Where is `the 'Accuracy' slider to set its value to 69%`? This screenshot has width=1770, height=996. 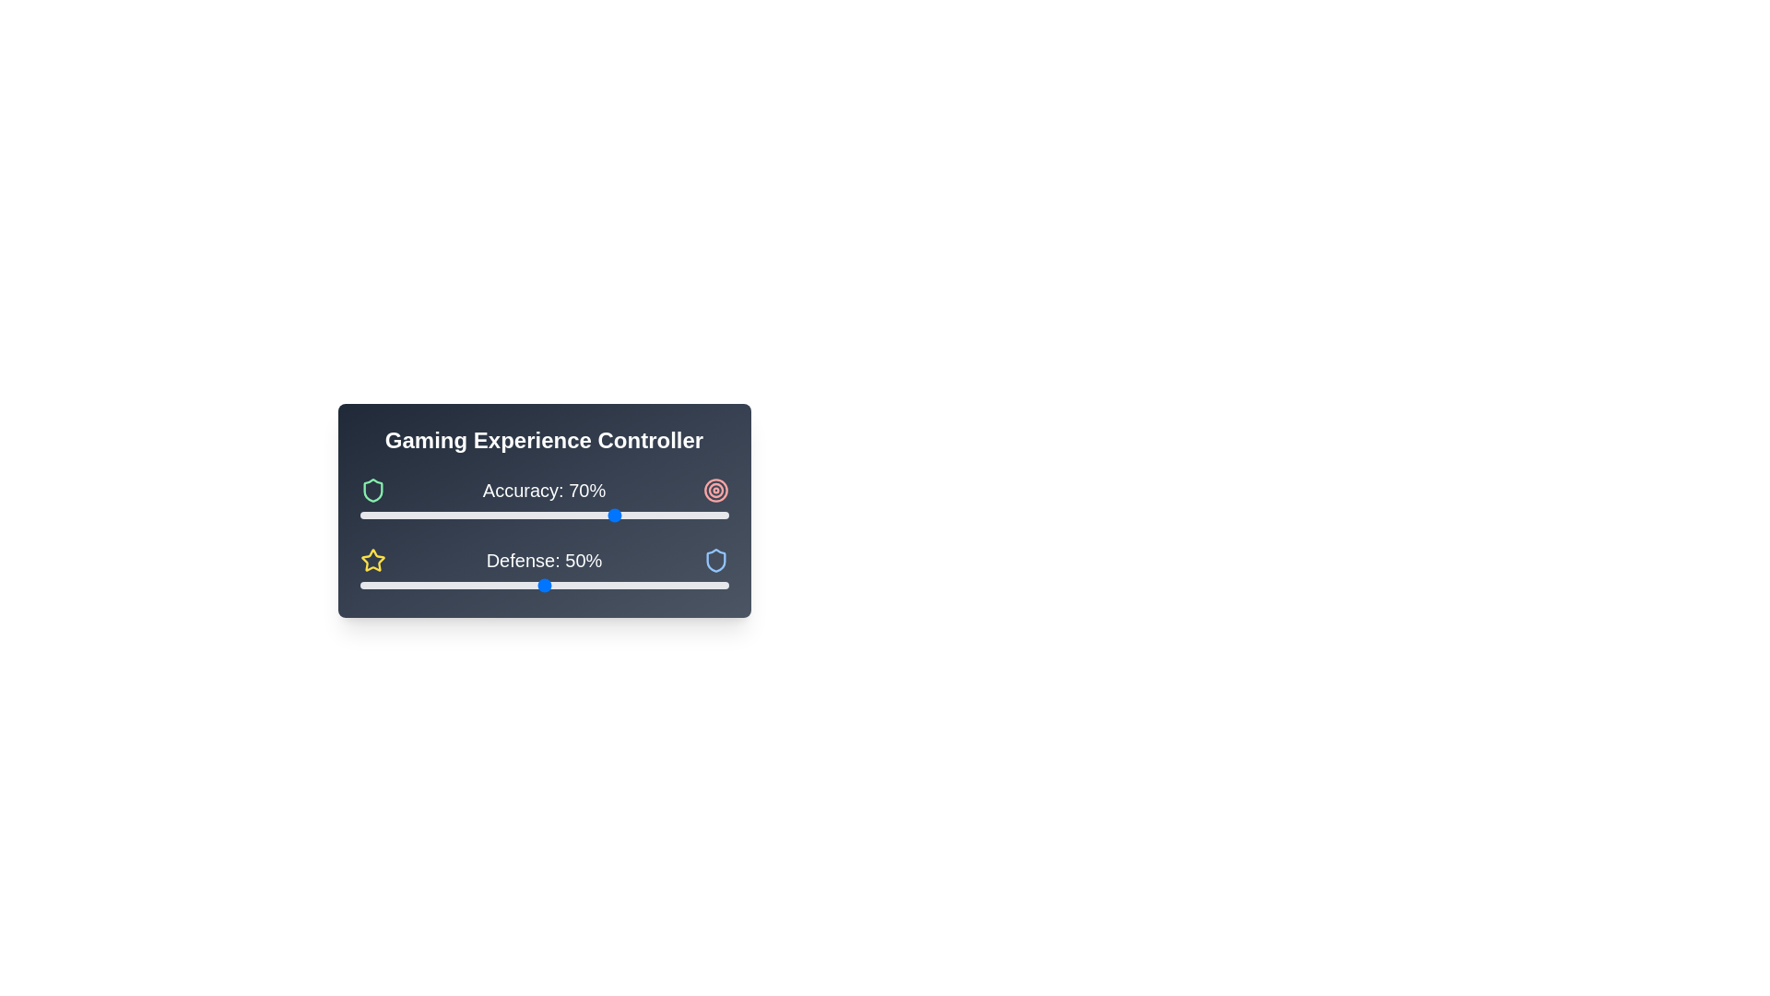
the 'Accuracy' slider to set its value to 69% is located at coordinates (614, 516).